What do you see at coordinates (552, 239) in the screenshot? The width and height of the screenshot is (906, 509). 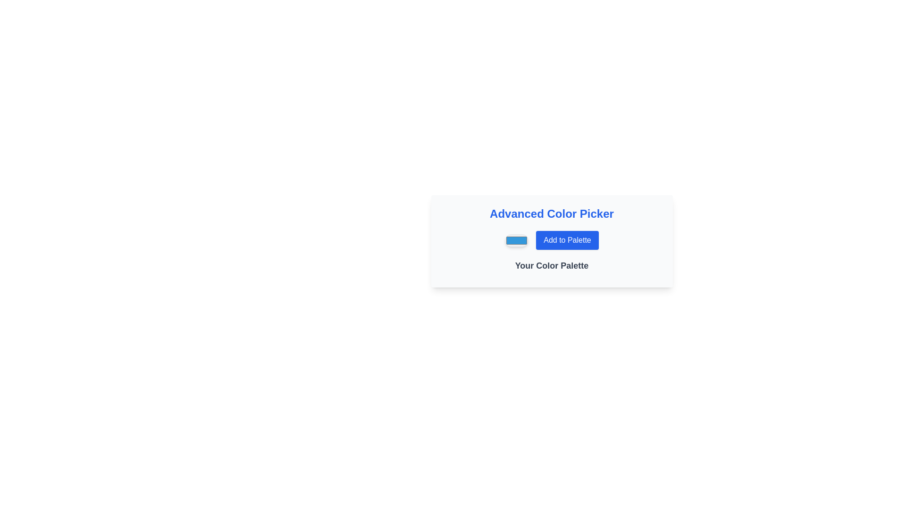 I see `the 'Add to Palette' button, which is a blue rectangular button located below the 'Advanced Color Picker' heading and above the 'Your Color Palette' text` at bounding box center [552, 239].